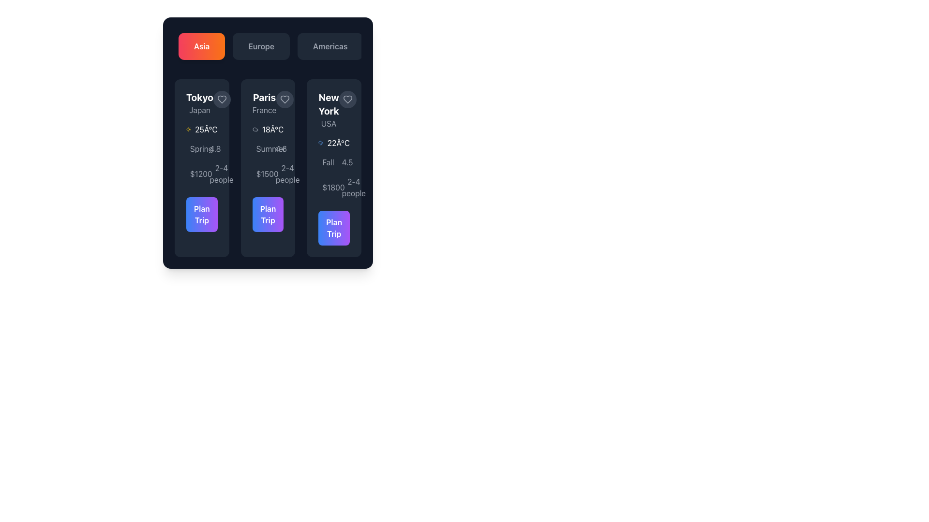  What do you see at coordinates (347, 99) in the screenshot?
I see `the favorite button located to the right of the 'New York' text in the top-right corner of the 'New York' information card to trigger a visual response` at bounding box center [347, 99].